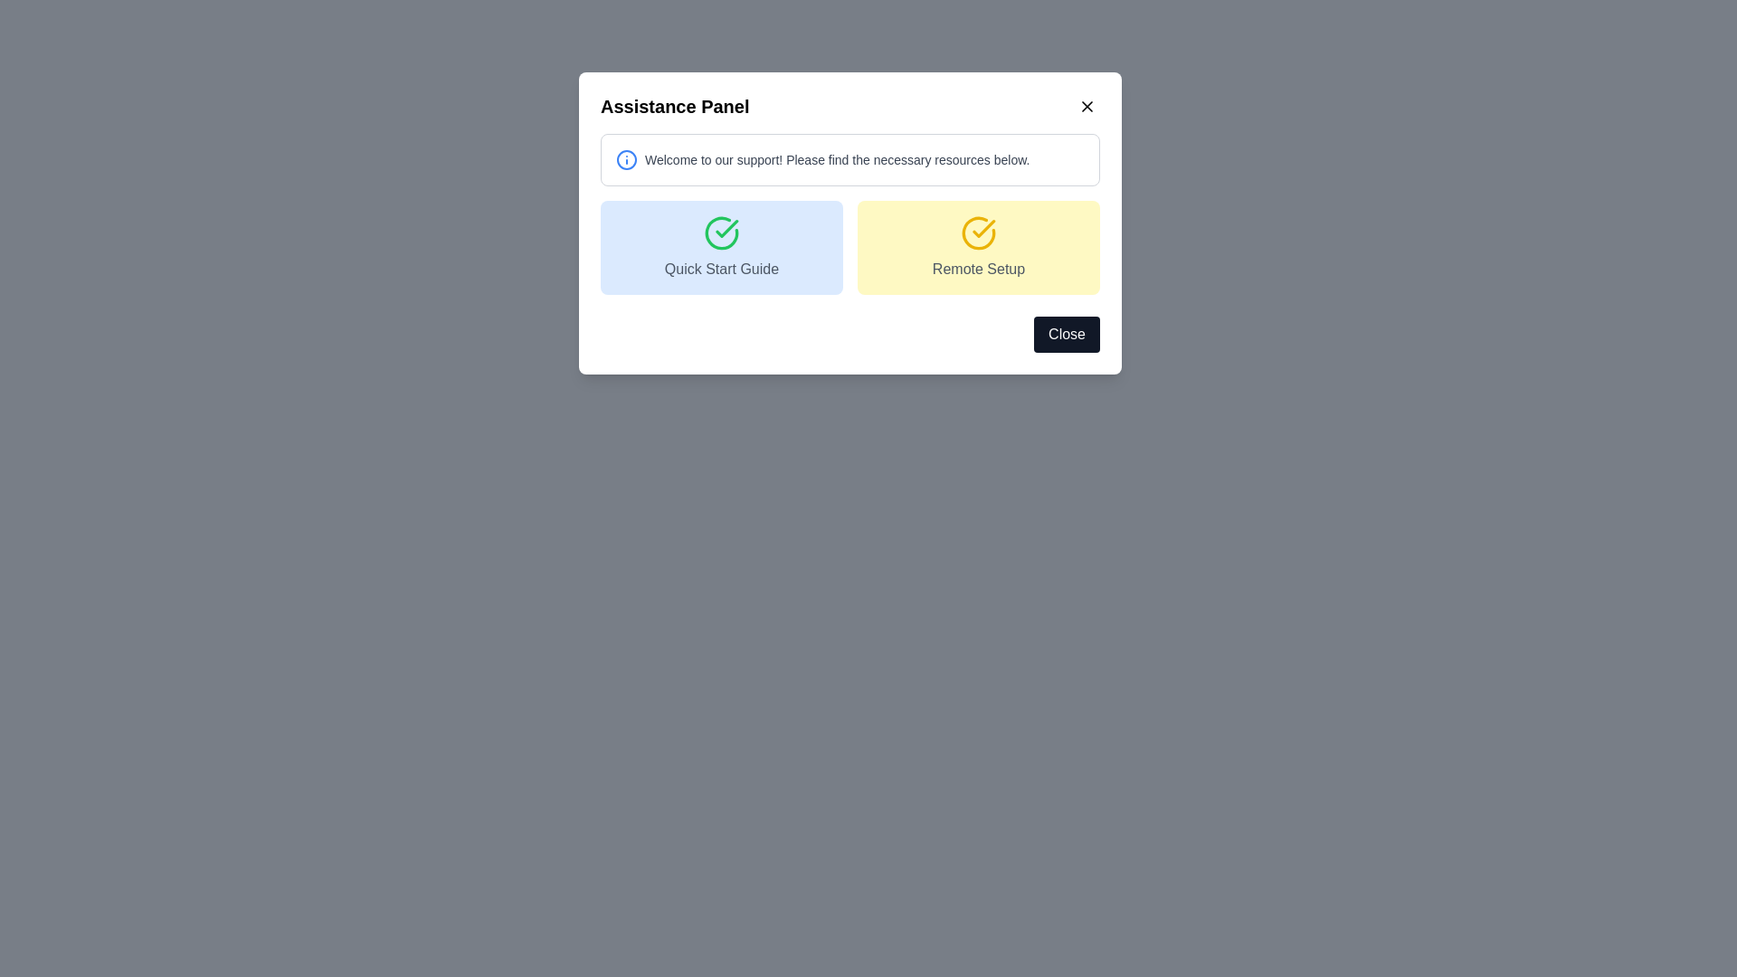 This screenshot has height=977, width=1737. I want to click on the close button icon located in the top-right corner of the 'Assistance Panel' dialog box, so click(1086, 107).